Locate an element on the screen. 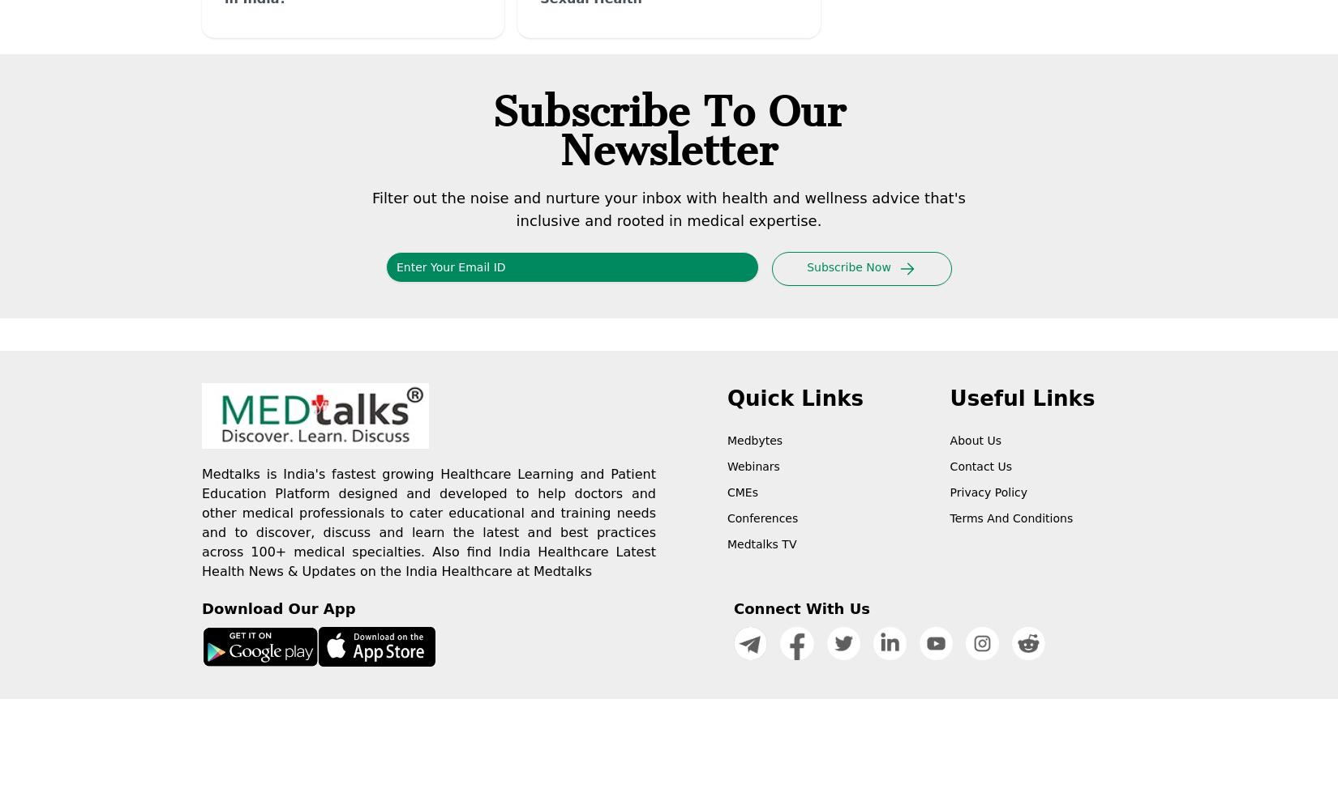 This screenshot has width=1338, height=810. 'Medbytes' is located at coordinates (754, 440).